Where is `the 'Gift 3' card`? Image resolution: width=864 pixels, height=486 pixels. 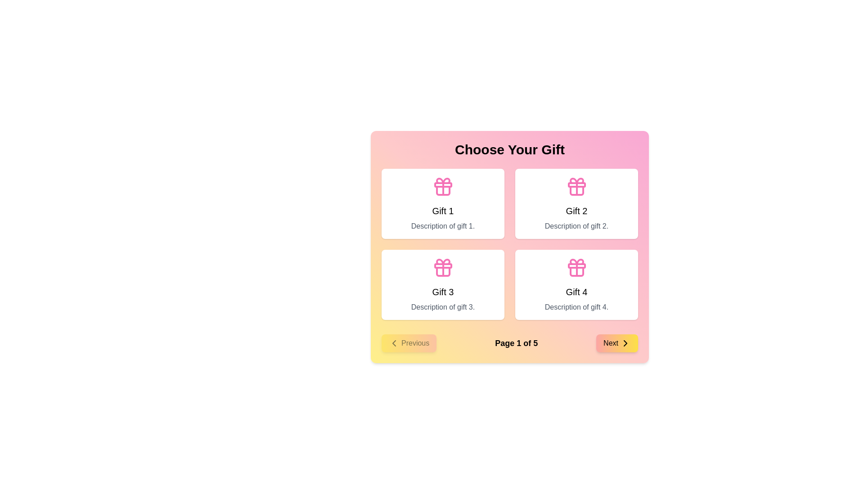
the 'Gift 3' card is located at coordinates (443, 284).